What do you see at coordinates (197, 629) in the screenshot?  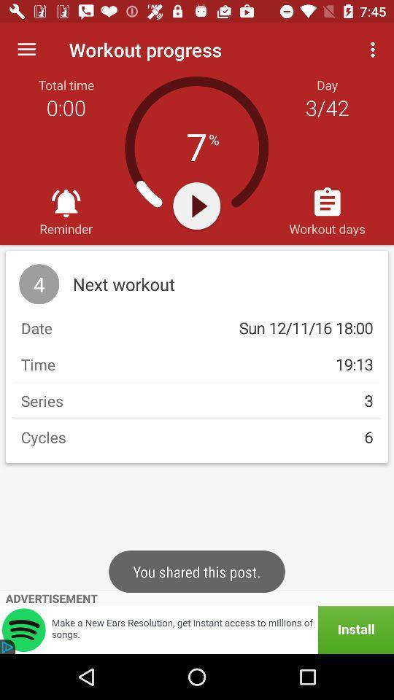 I see `item below the advertisement` at bounding box center [197, 629].